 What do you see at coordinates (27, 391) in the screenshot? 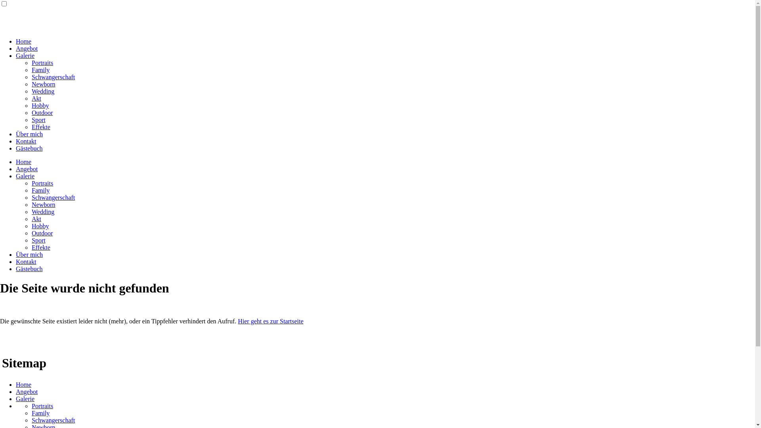
I see `'Angebot'` at bounding box center [27, 391].